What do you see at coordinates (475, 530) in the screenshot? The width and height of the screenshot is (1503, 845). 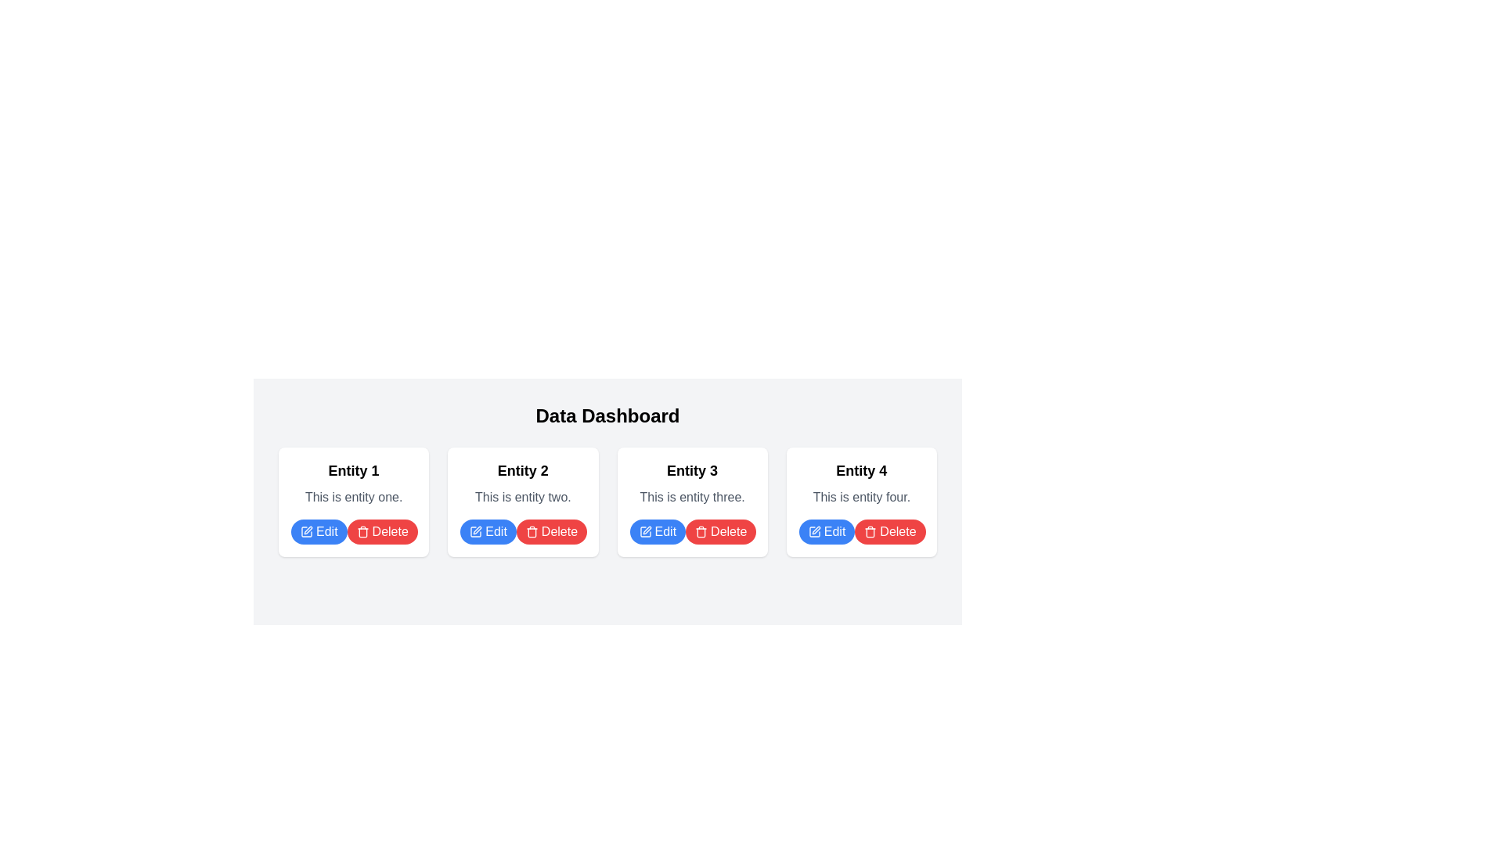 I see `the graphical representation of the 'Edit' button located in the second card labeled 'Entity 2', which is directly above its corresponding 'Edit' button` at bounding box center [475, 530].